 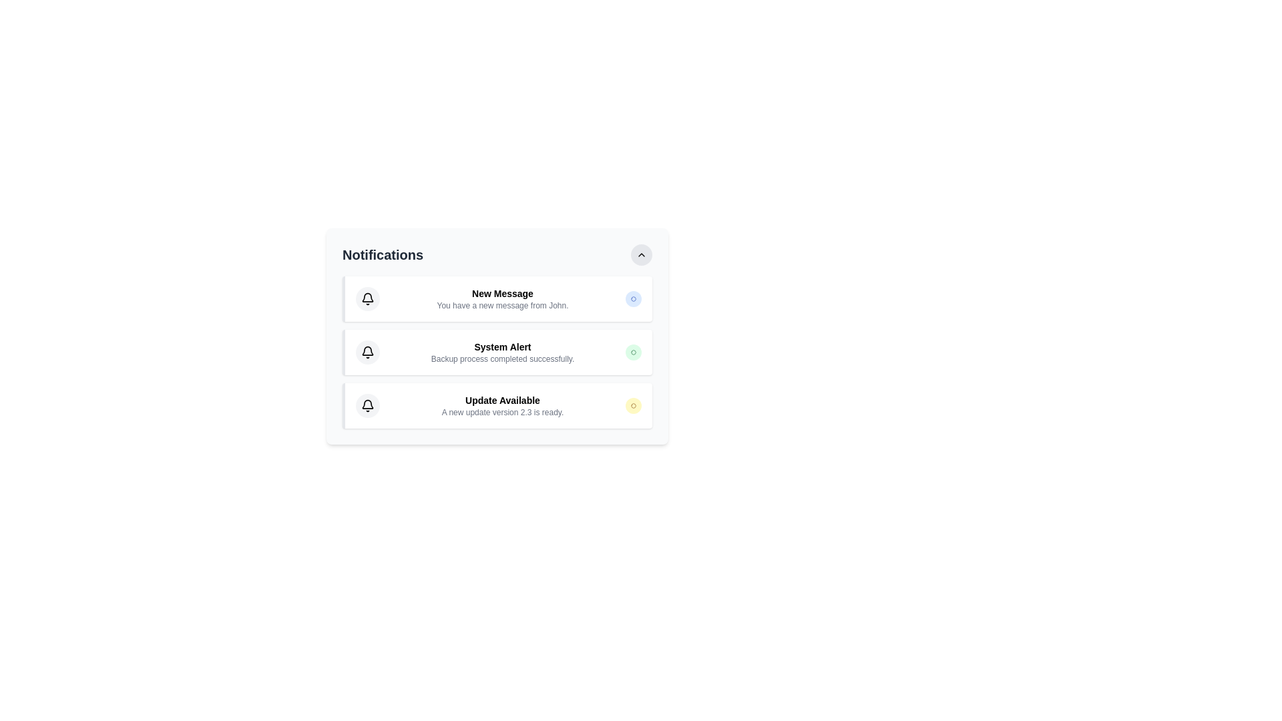 I want to click on the circular button with a gray background and upward-pointing chevron icon, located at the top-right corner of the notification box, adjacent to the 'Notifications' header text, so click(x=641, y=254).